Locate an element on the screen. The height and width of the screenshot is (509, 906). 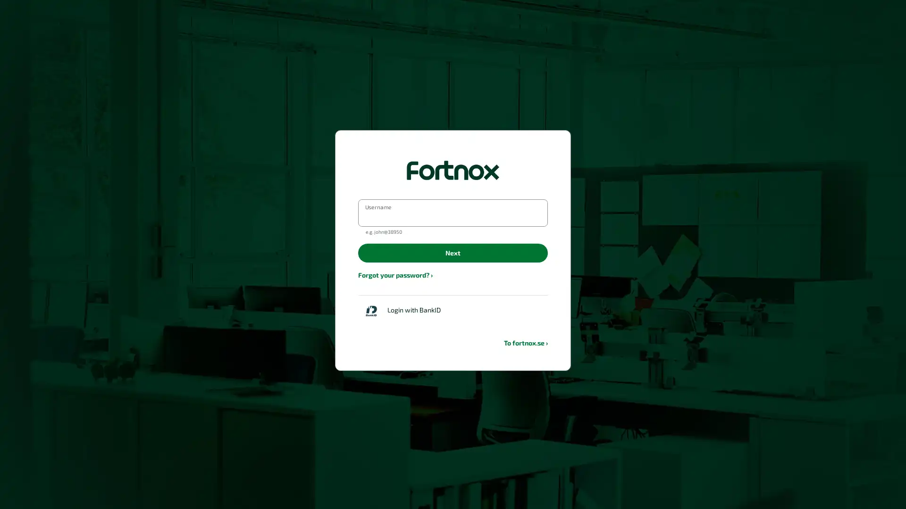
Next is located at coordinates (453, 252).